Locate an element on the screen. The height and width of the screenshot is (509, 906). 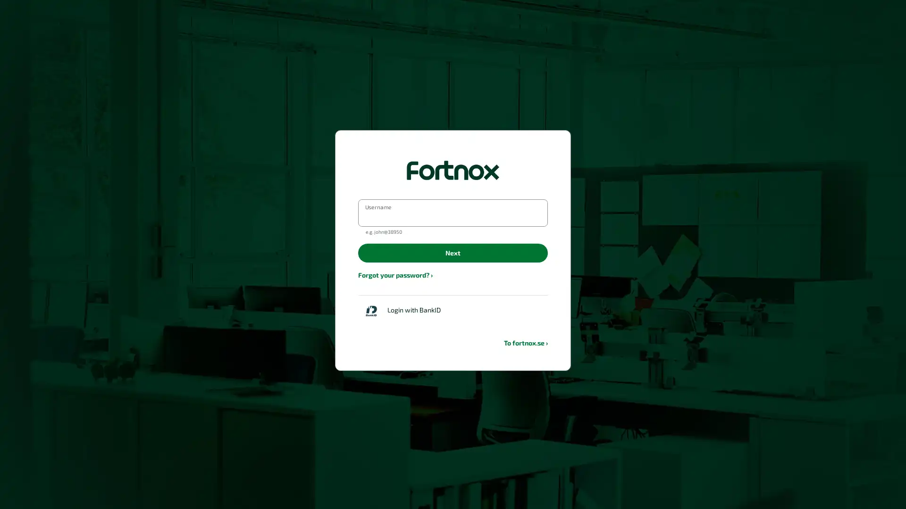
Next is located at coordinates (453, 252).